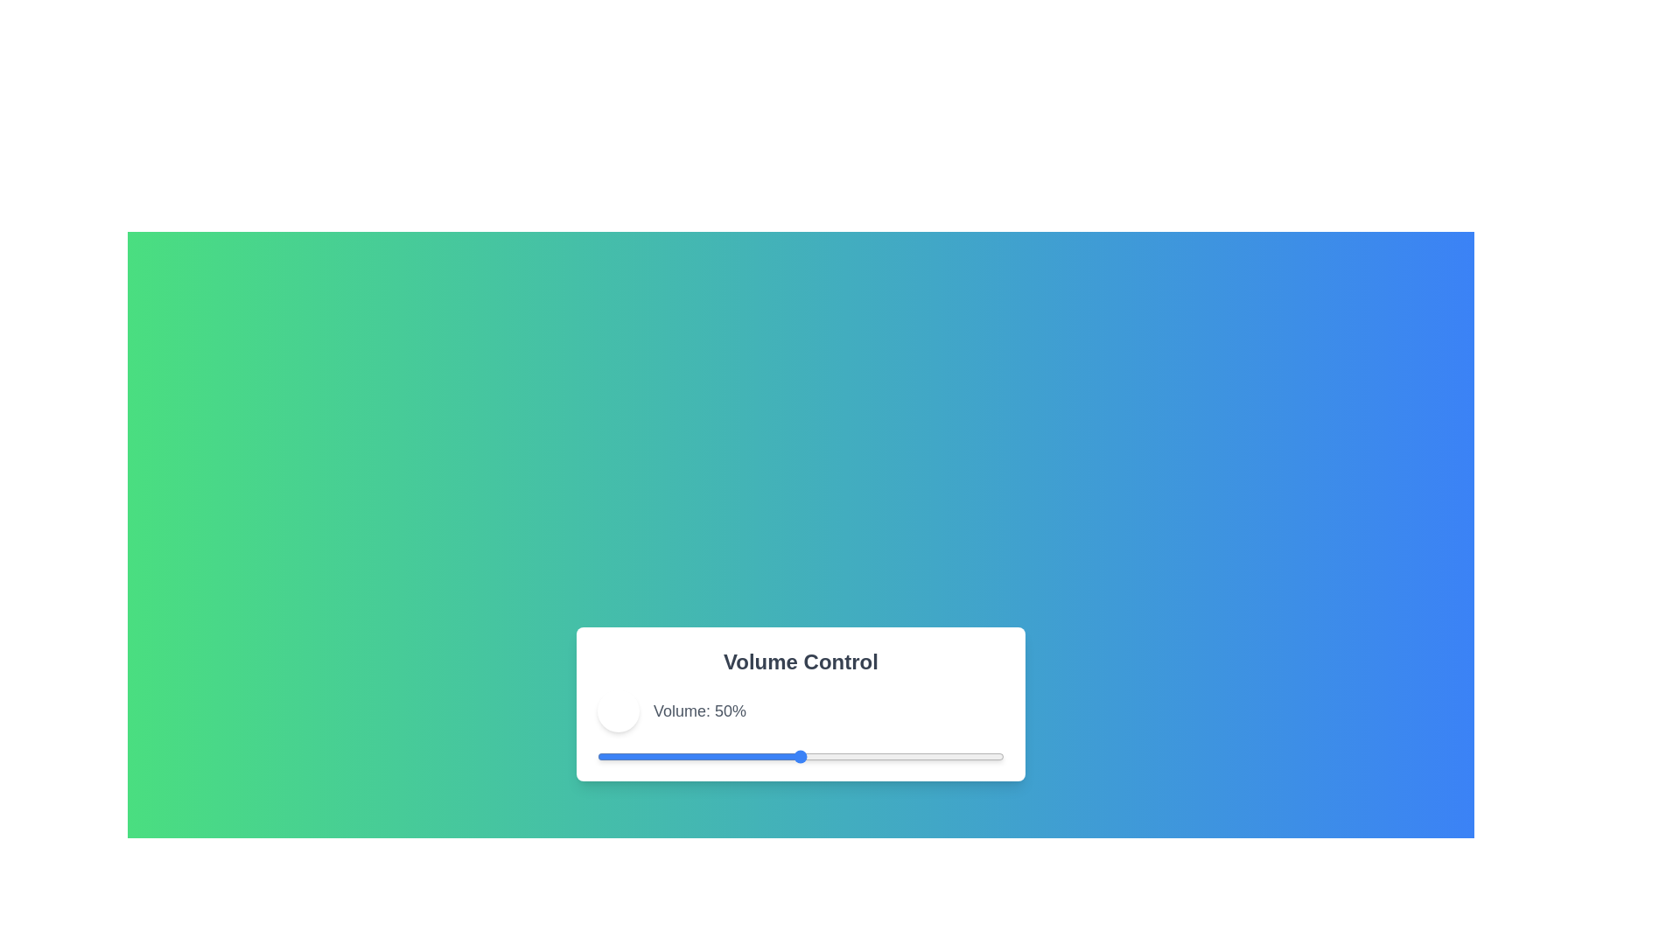  What do you see at coordinates (597, 755) in the screenshot?
I see `the slider` at bounding box center [597, 755].